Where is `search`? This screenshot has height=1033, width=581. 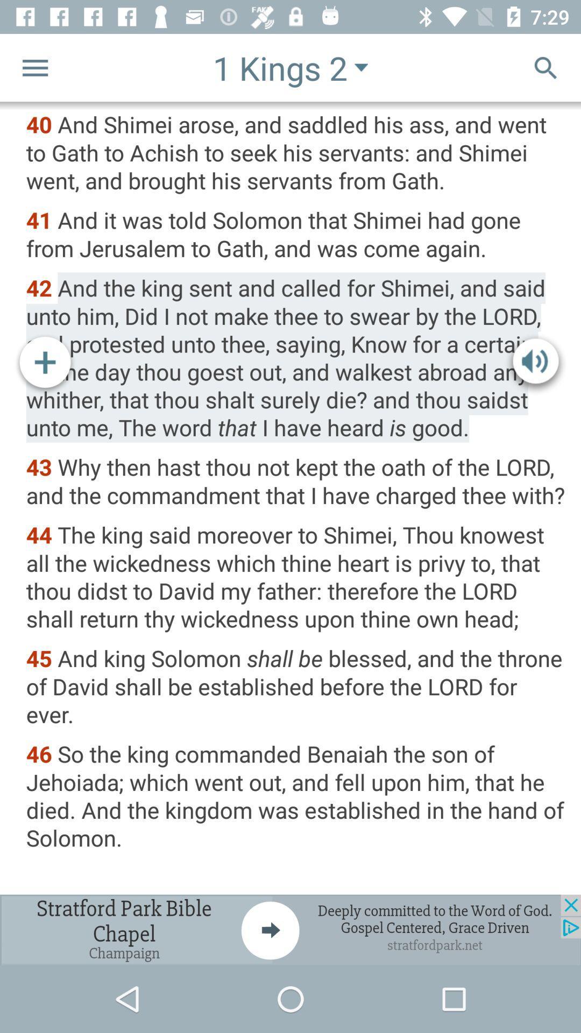 search is located at coordinates (545, 67).